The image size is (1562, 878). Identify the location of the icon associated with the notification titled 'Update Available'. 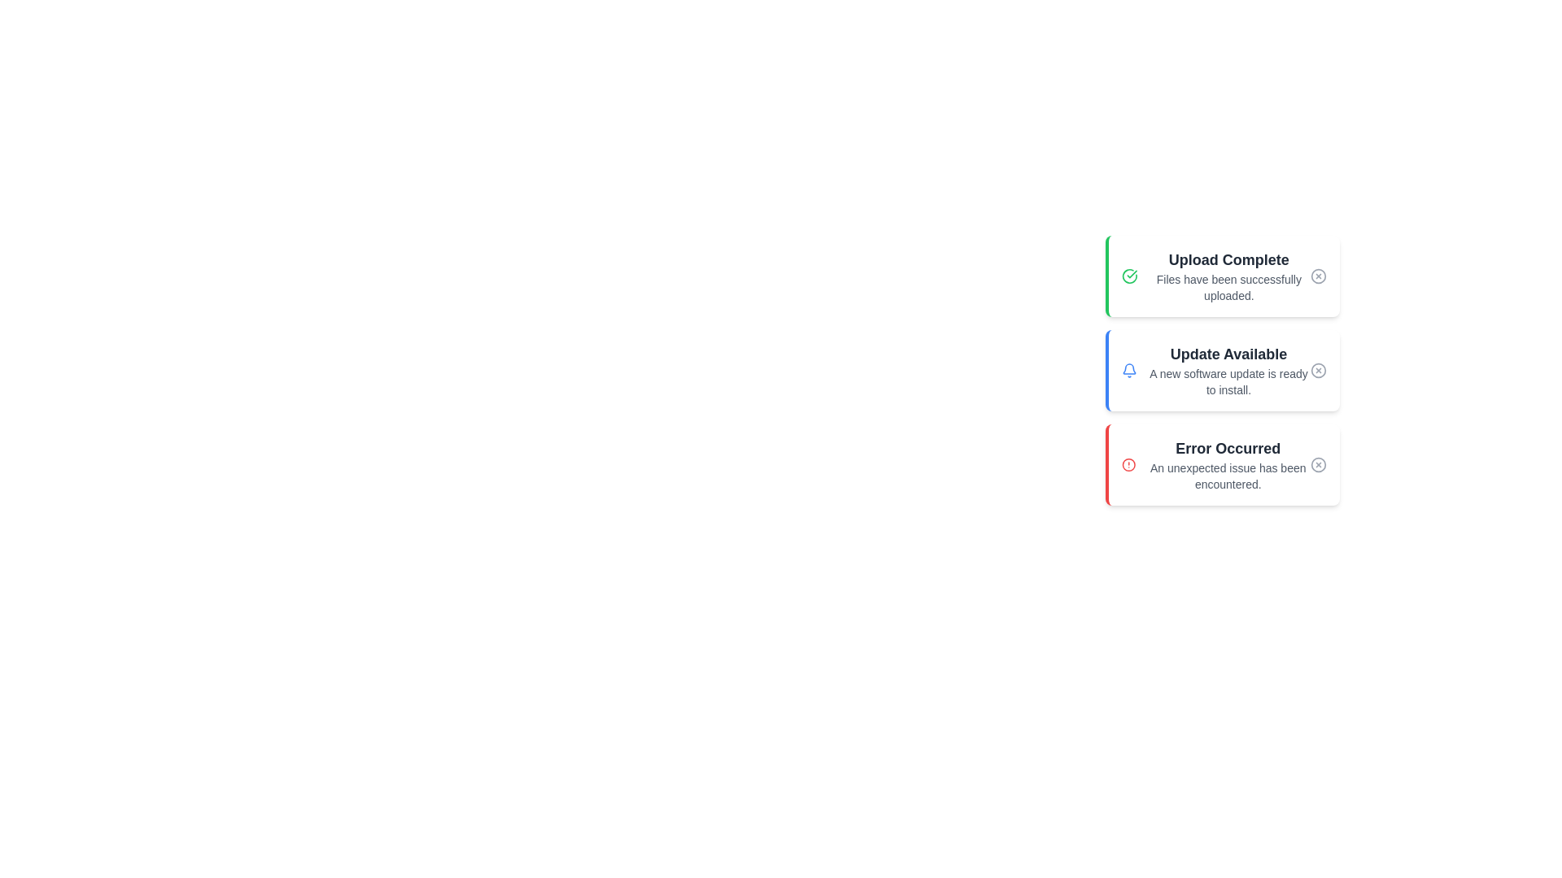
(1128, 370).